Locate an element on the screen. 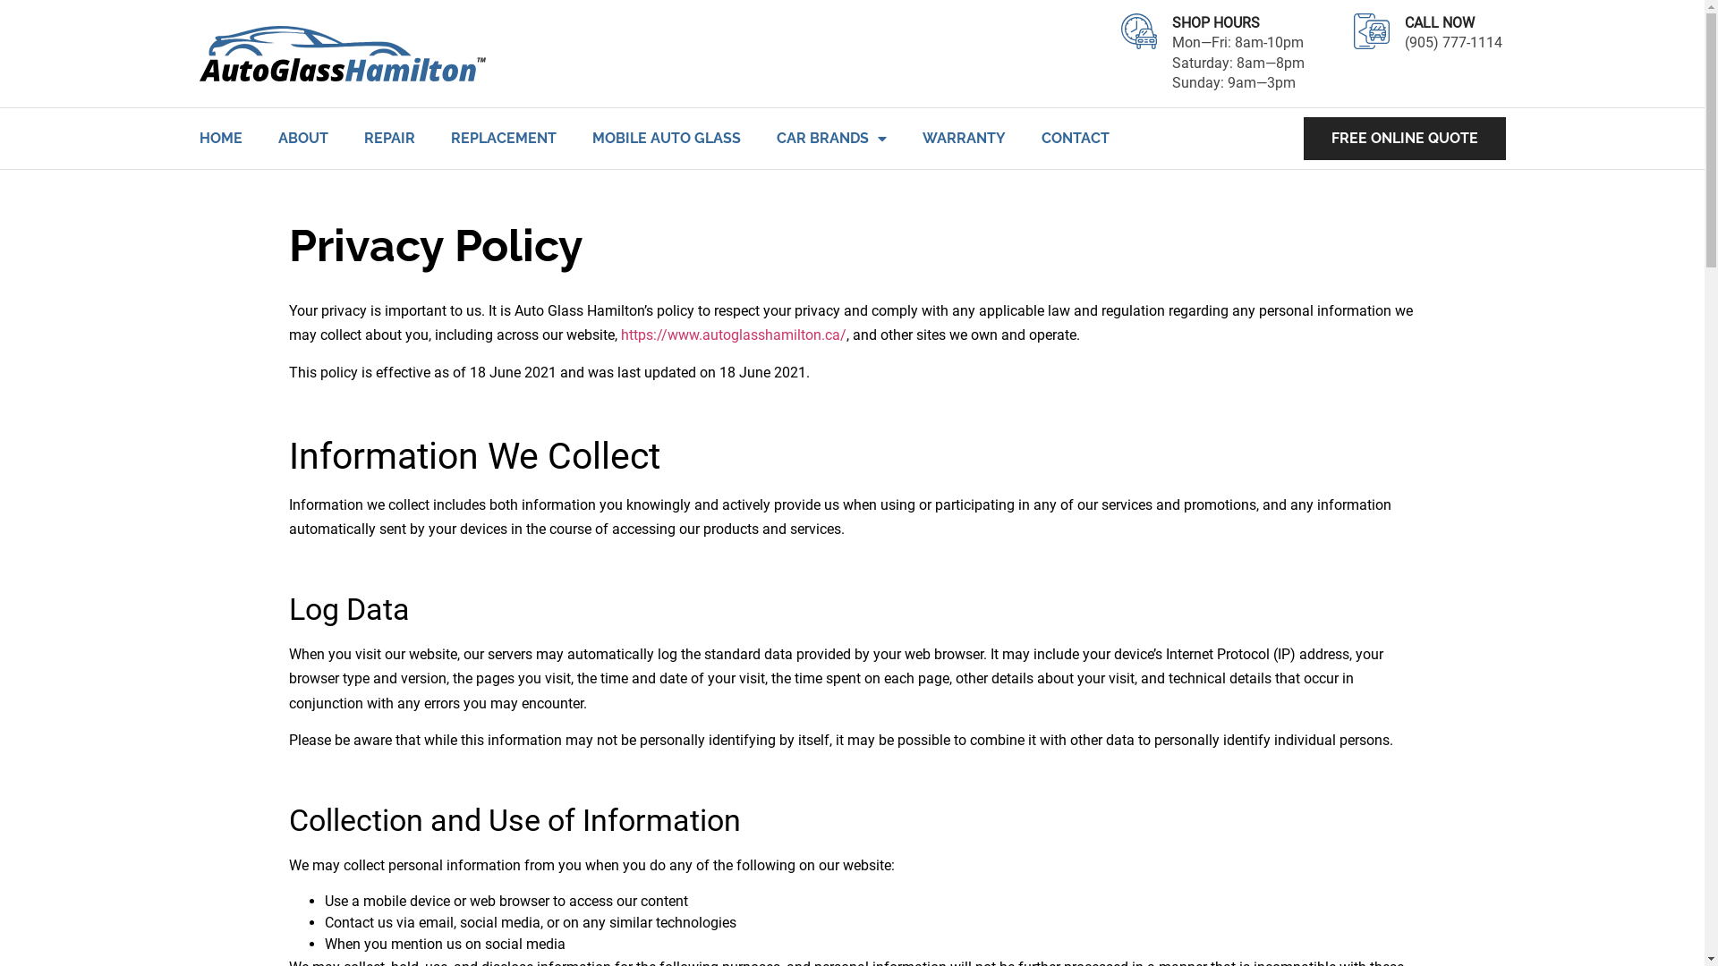  'MOBILE AUTO GLASS' is located at coordinates (665, 137).